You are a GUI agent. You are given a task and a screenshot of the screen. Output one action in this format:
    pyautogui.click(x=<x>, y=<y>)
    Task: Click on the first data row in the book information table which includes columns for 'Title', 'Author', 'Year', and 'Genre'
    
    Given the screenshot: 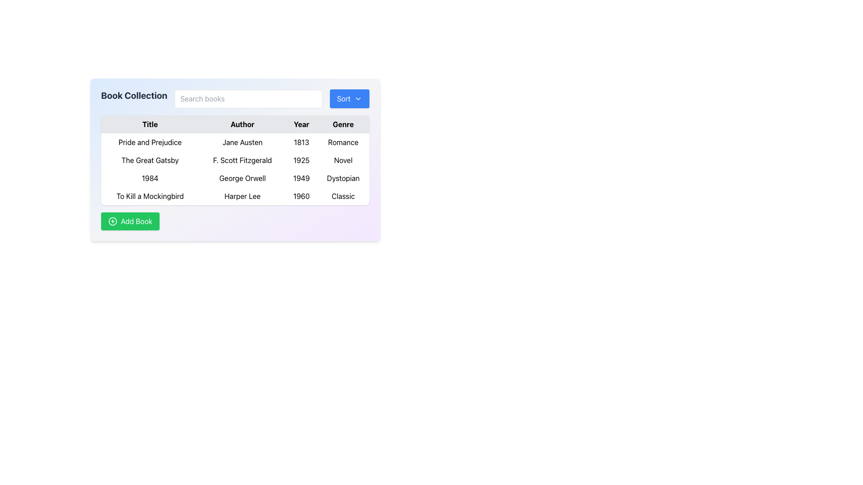 What is the action you would take?
    pyautogui.click(x=235, y=141)
    